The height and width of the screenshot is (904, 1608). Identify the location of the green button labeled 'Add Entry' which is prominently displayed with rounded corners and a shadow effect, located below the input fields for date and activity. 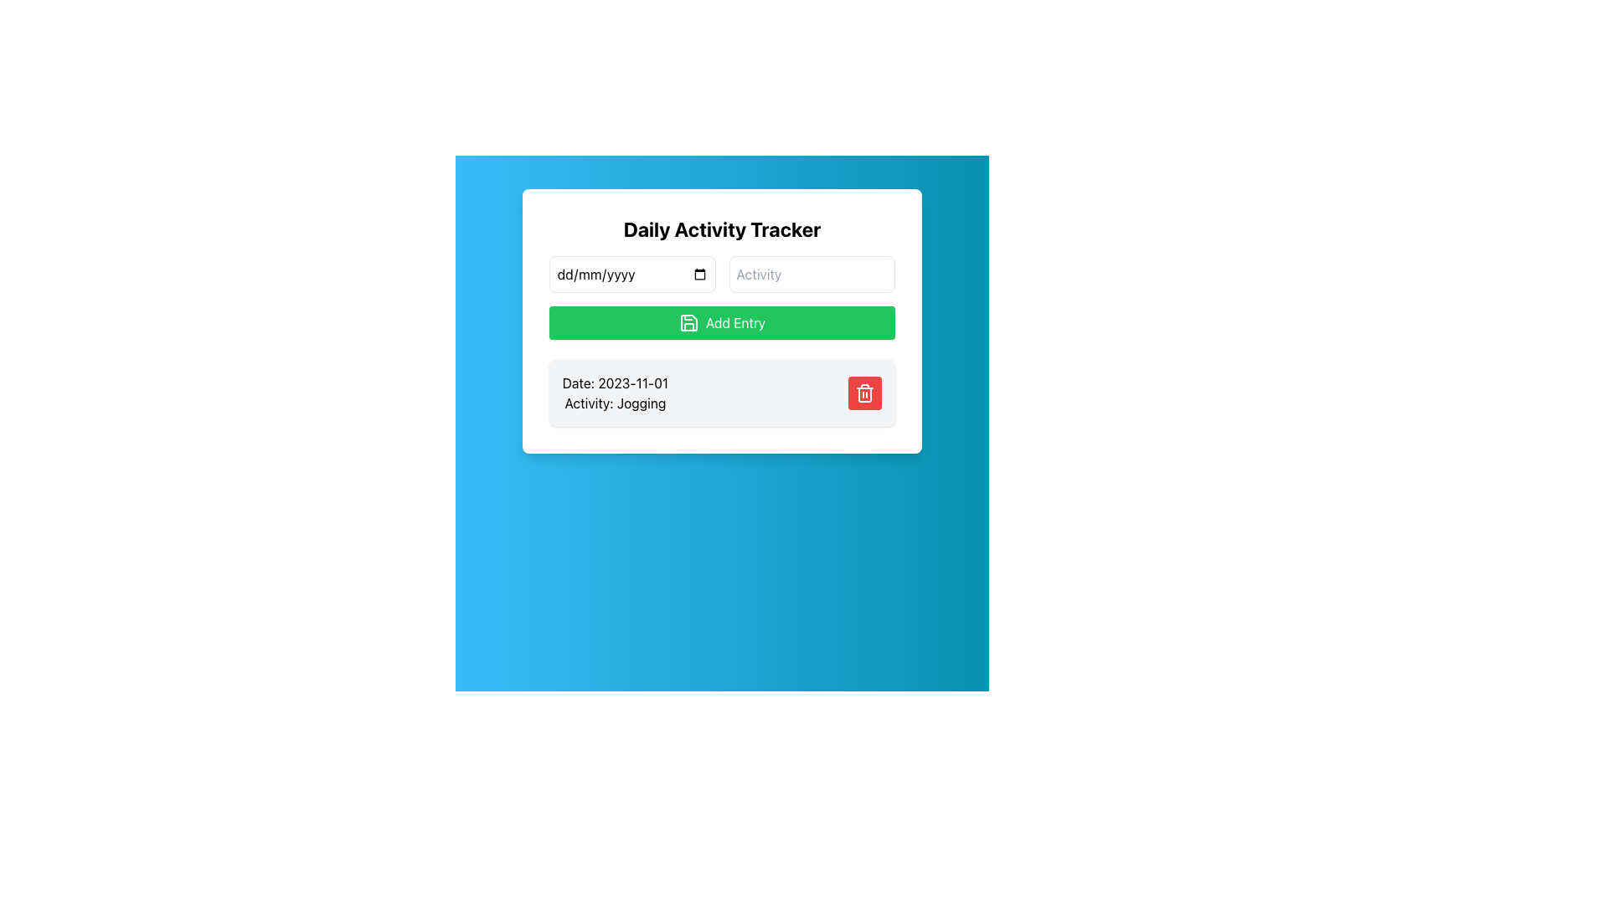
(735, 322).